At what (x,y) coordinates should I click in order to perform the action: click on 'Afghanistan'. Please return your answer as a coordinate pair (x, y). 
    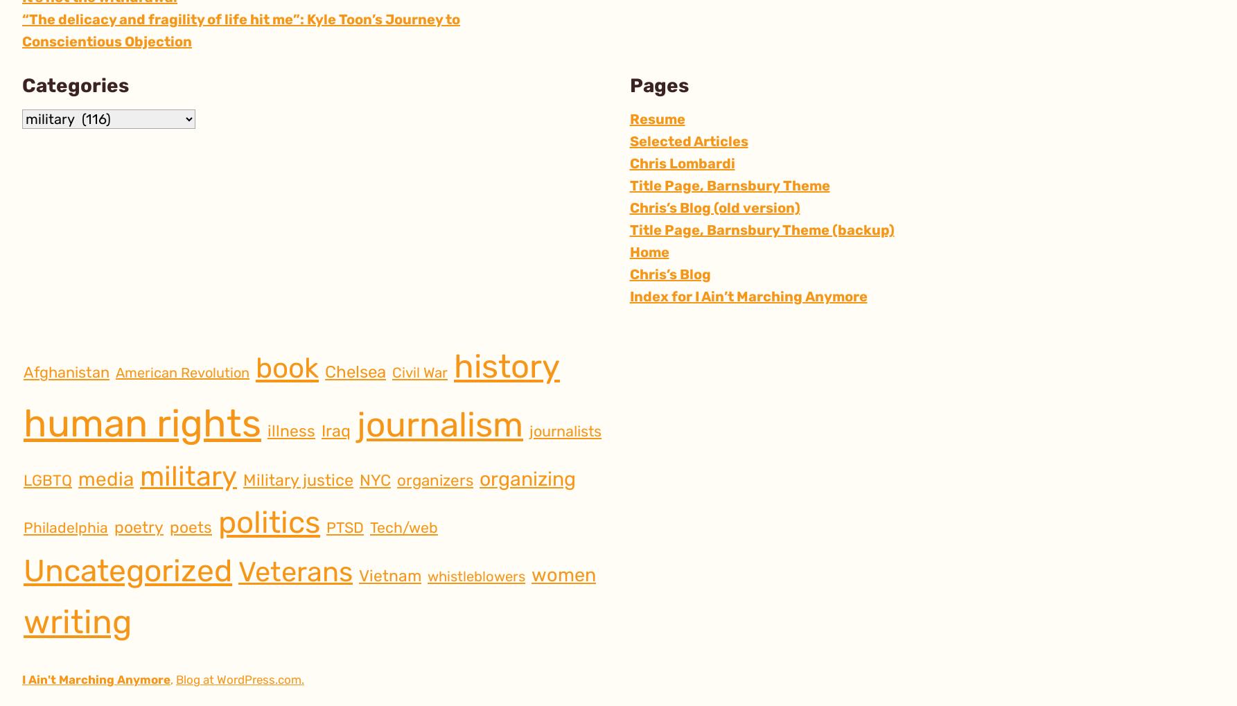
    Looking at the image, I should click on (67, 372).